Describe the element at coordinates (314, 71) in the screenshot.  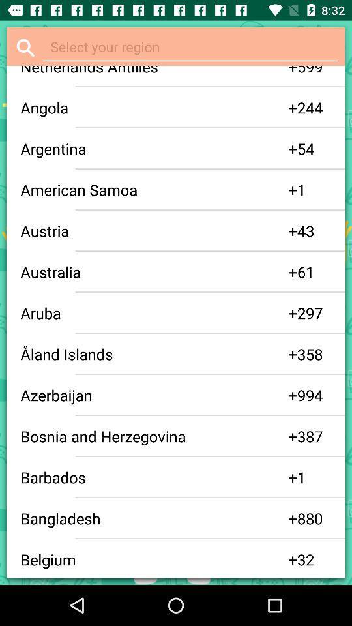
I see `the item to the right of +` at that location.